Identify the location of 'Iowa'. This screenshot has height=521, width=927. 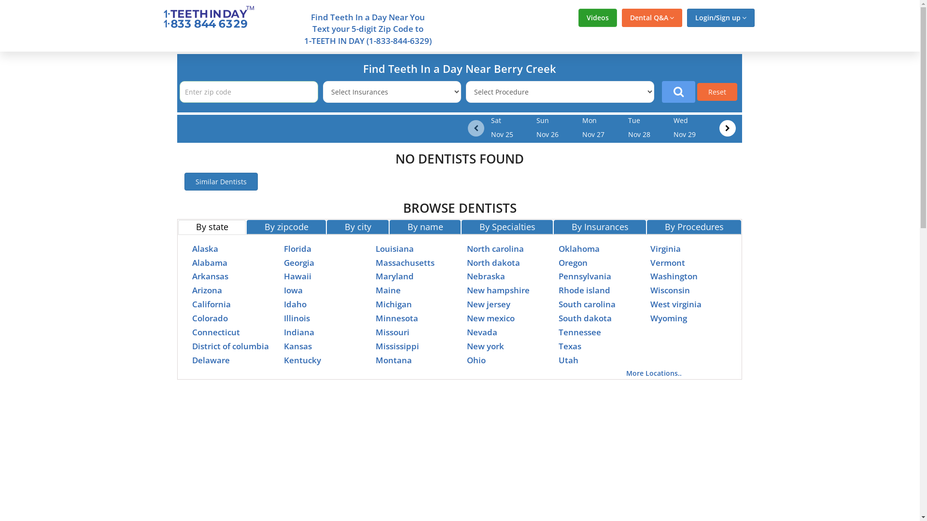
(293, 289).